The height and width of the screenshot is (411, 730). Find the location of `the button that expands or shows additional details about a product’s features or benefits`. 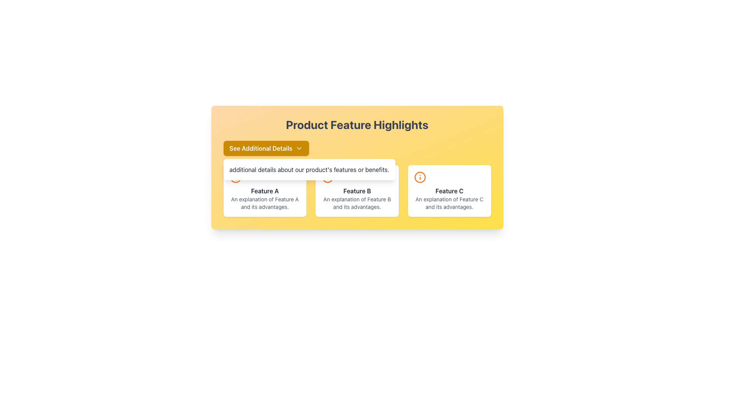

the button that expands or shows additional details about a product’s features or benefits is located at coordinates (266, 148).